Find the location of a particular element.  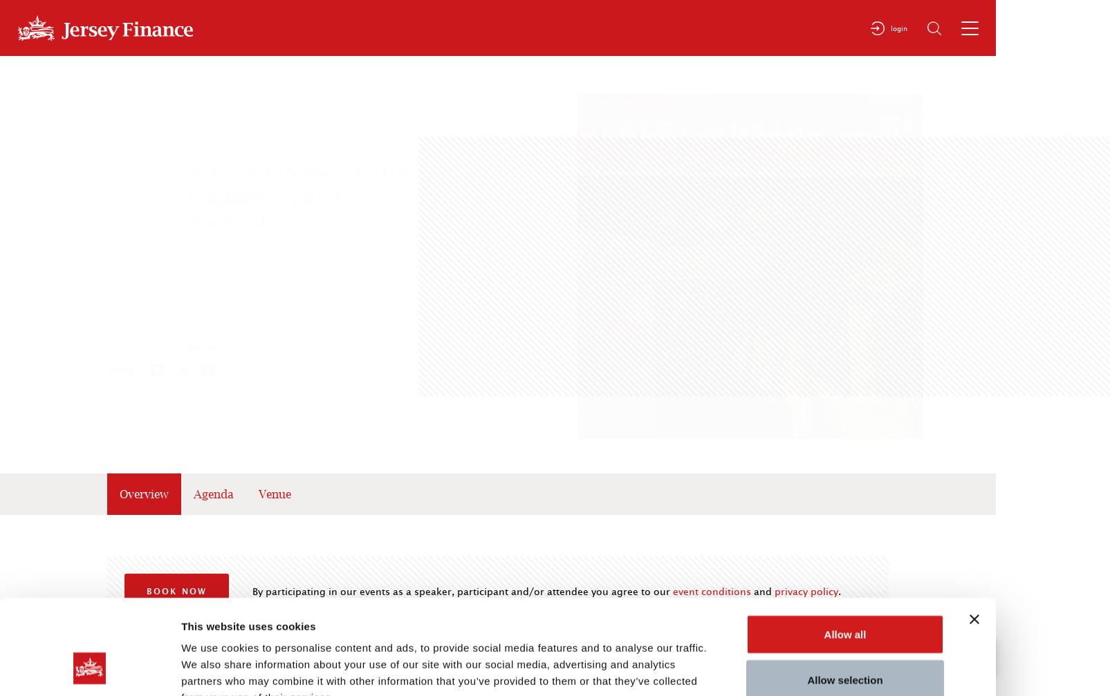

'Top' is located at coordinates (1001, 664).